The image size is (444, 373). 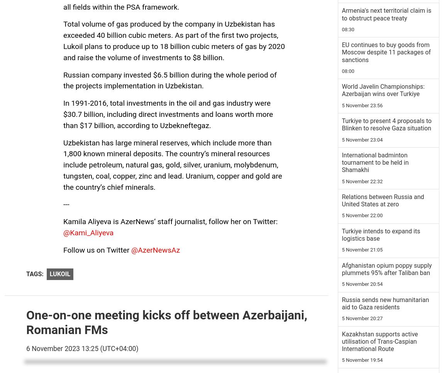 What do you see at coordinates (362, 205) in the screenshot?
I see `'5 November 14:26'` at bounding box center [362, 205].